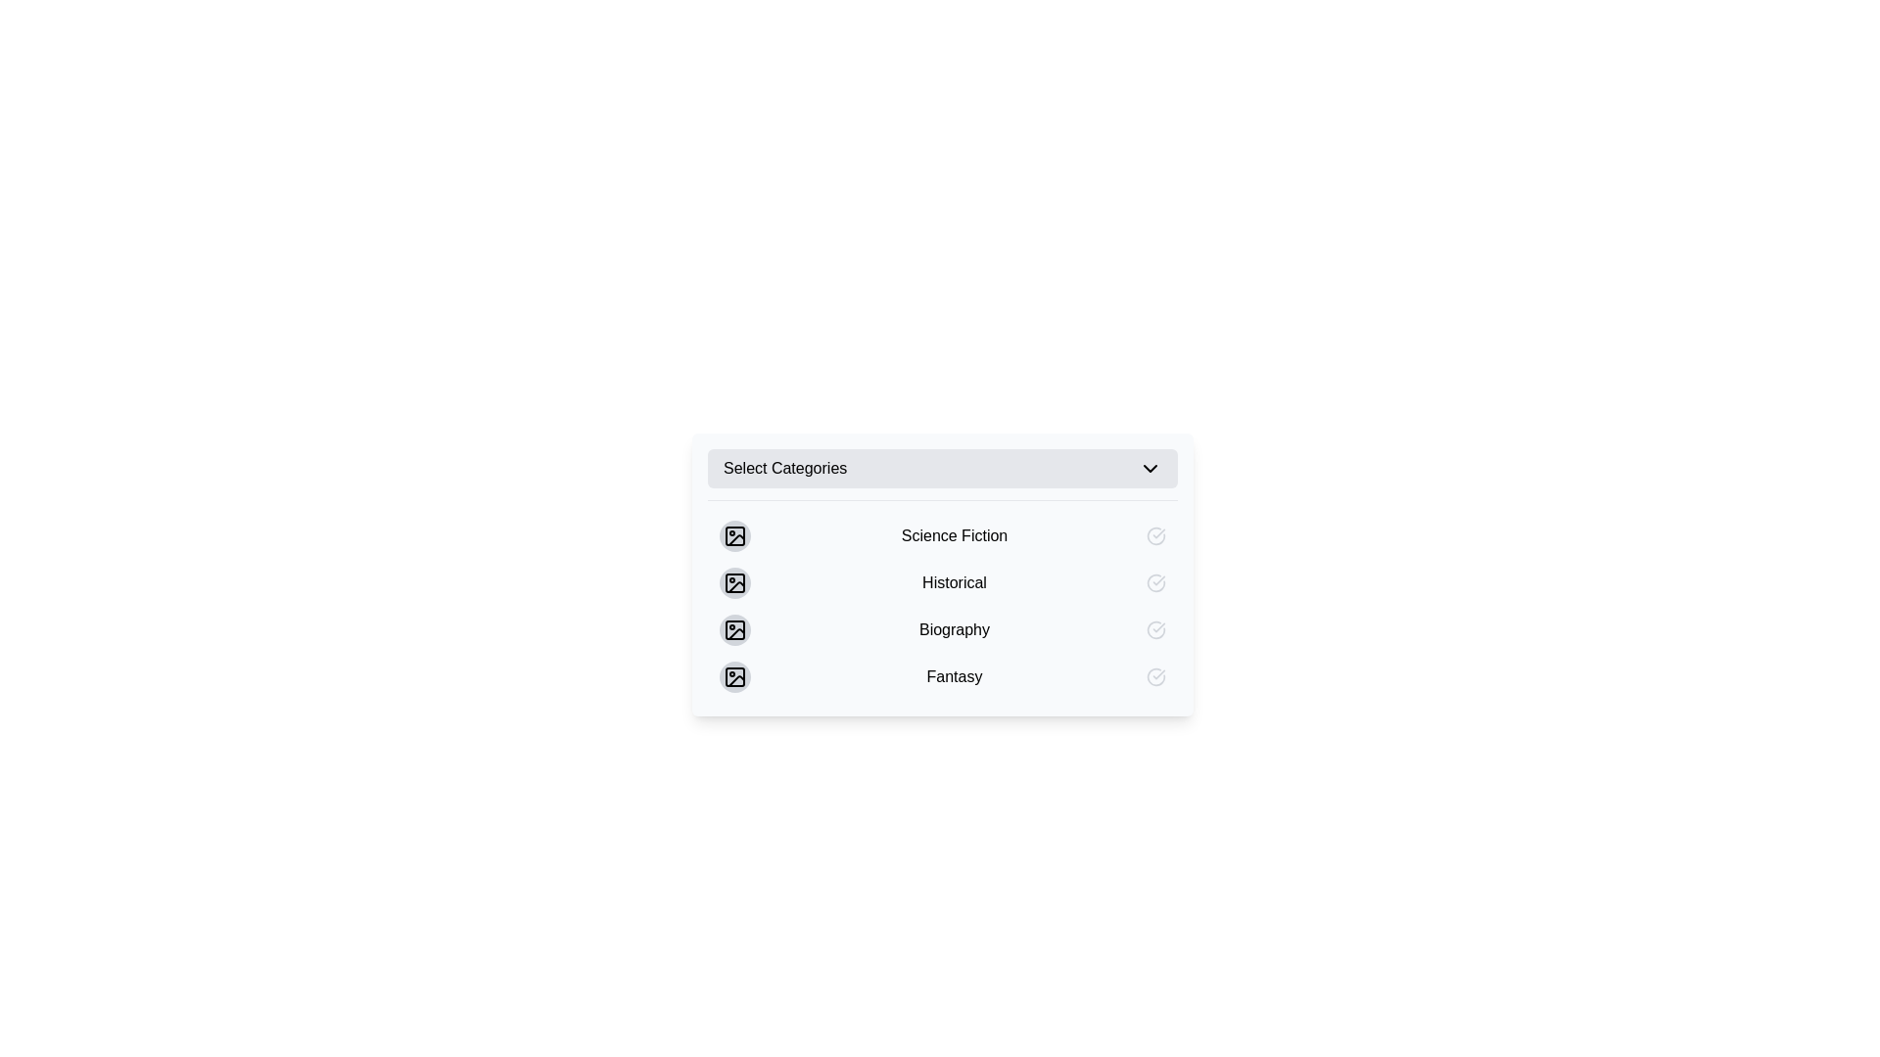 Image resolution: width=1880 pixels, height=1057 pixels. I want to click on the second list item in the 'Select Categories' list, so click(943, 582).